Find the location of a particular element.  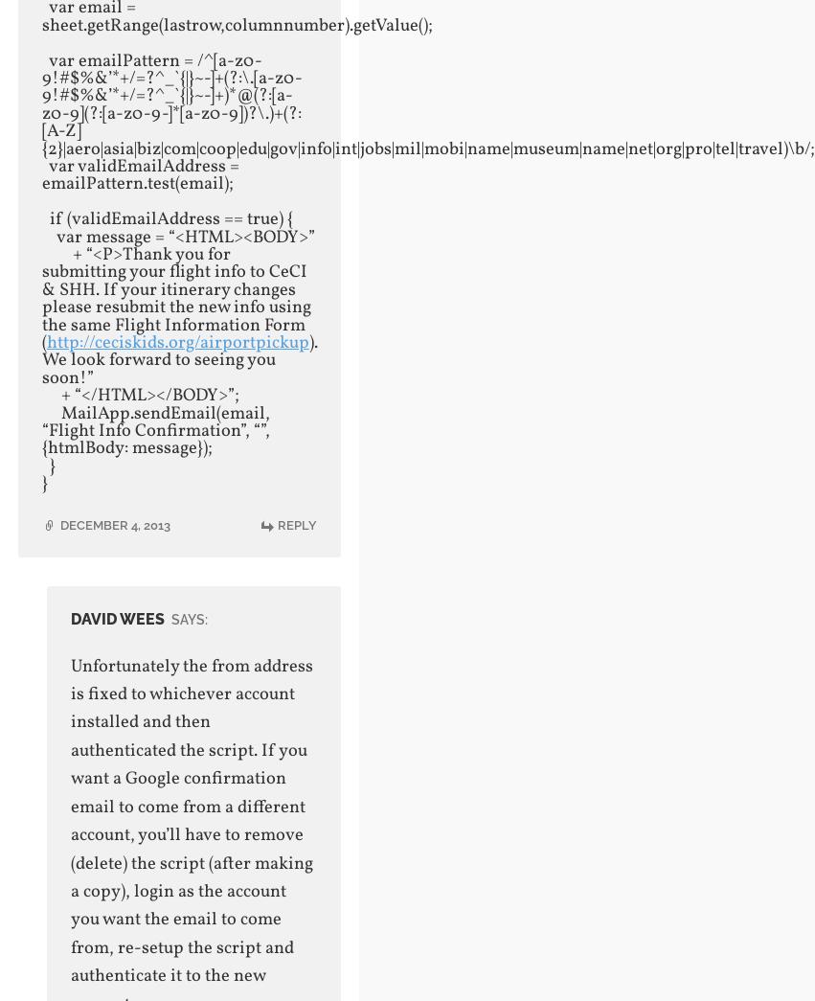

'says:' is located at coordinates (187, 619).